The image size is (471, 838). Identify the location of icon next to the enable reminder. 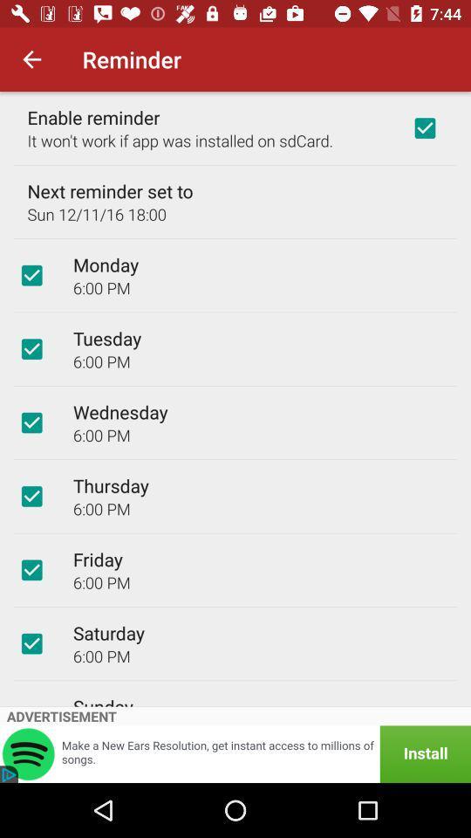
(424, 127).